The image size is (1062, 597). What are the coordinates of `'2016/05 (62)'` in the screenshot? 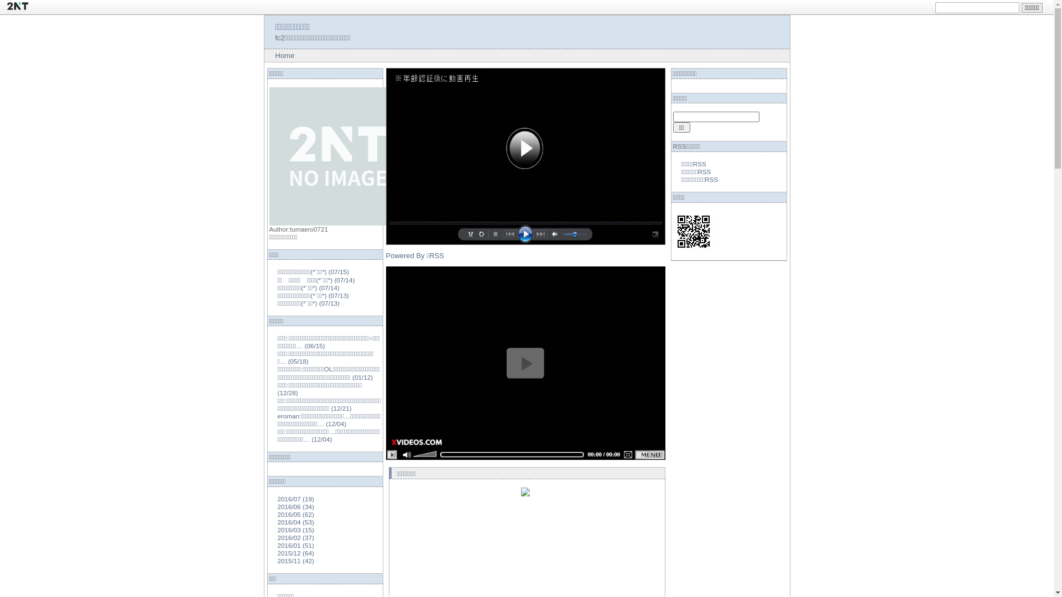 It's located at (278, 514).